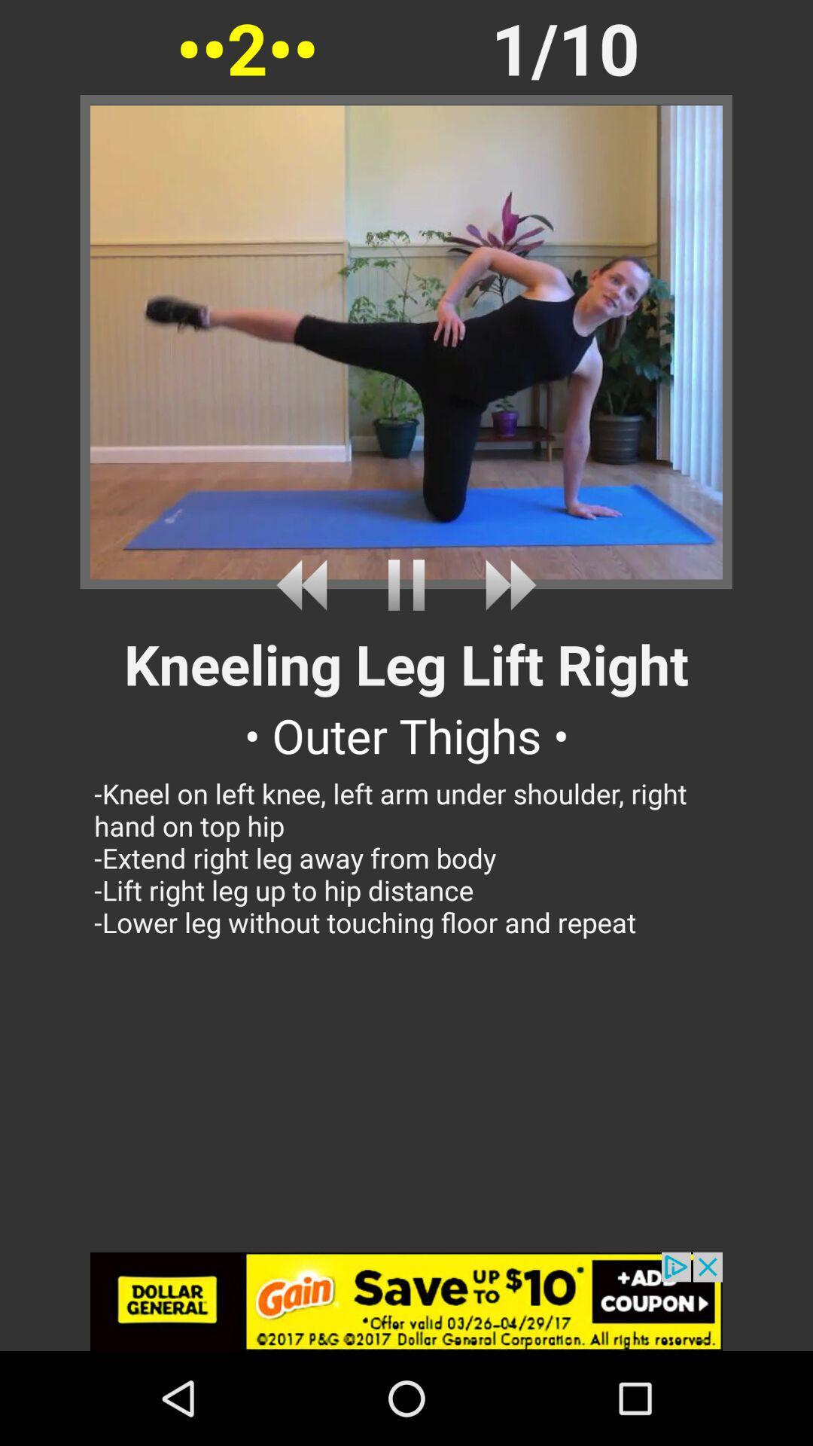 This screenshot has height=1446, width=813. What do you see at coordinates (505, 584) in the screenshot?
I see `watch next video` at bounding box center [505, 584].